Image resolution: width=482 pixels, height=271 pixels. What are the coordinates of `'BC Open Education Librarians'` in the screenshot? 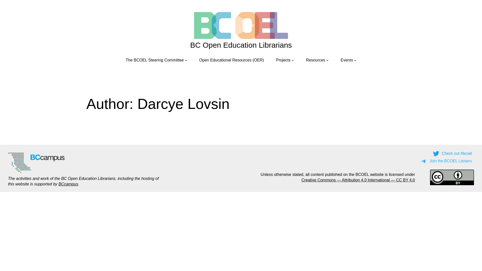 It's located at (240, 45).